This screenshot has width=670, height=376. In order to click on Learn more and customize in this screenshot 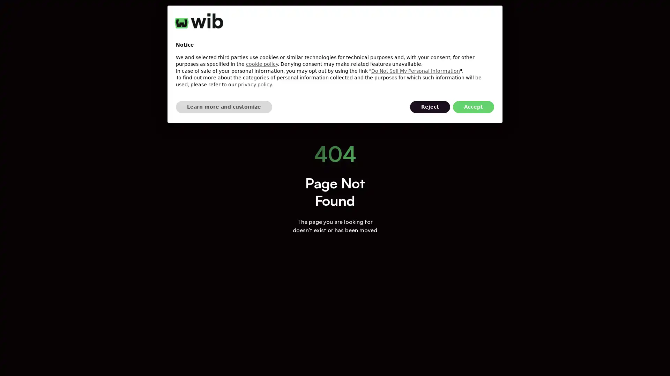, I will do `click(224, 107)`.